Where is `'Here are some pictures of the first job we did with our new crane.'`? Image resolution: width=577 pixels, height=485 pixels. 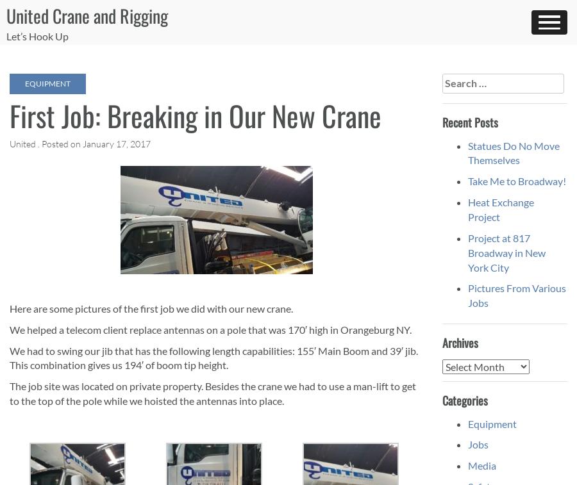 'Here are some pictures of the first job we did with our new crane.' is located at coordinates (150, 308).